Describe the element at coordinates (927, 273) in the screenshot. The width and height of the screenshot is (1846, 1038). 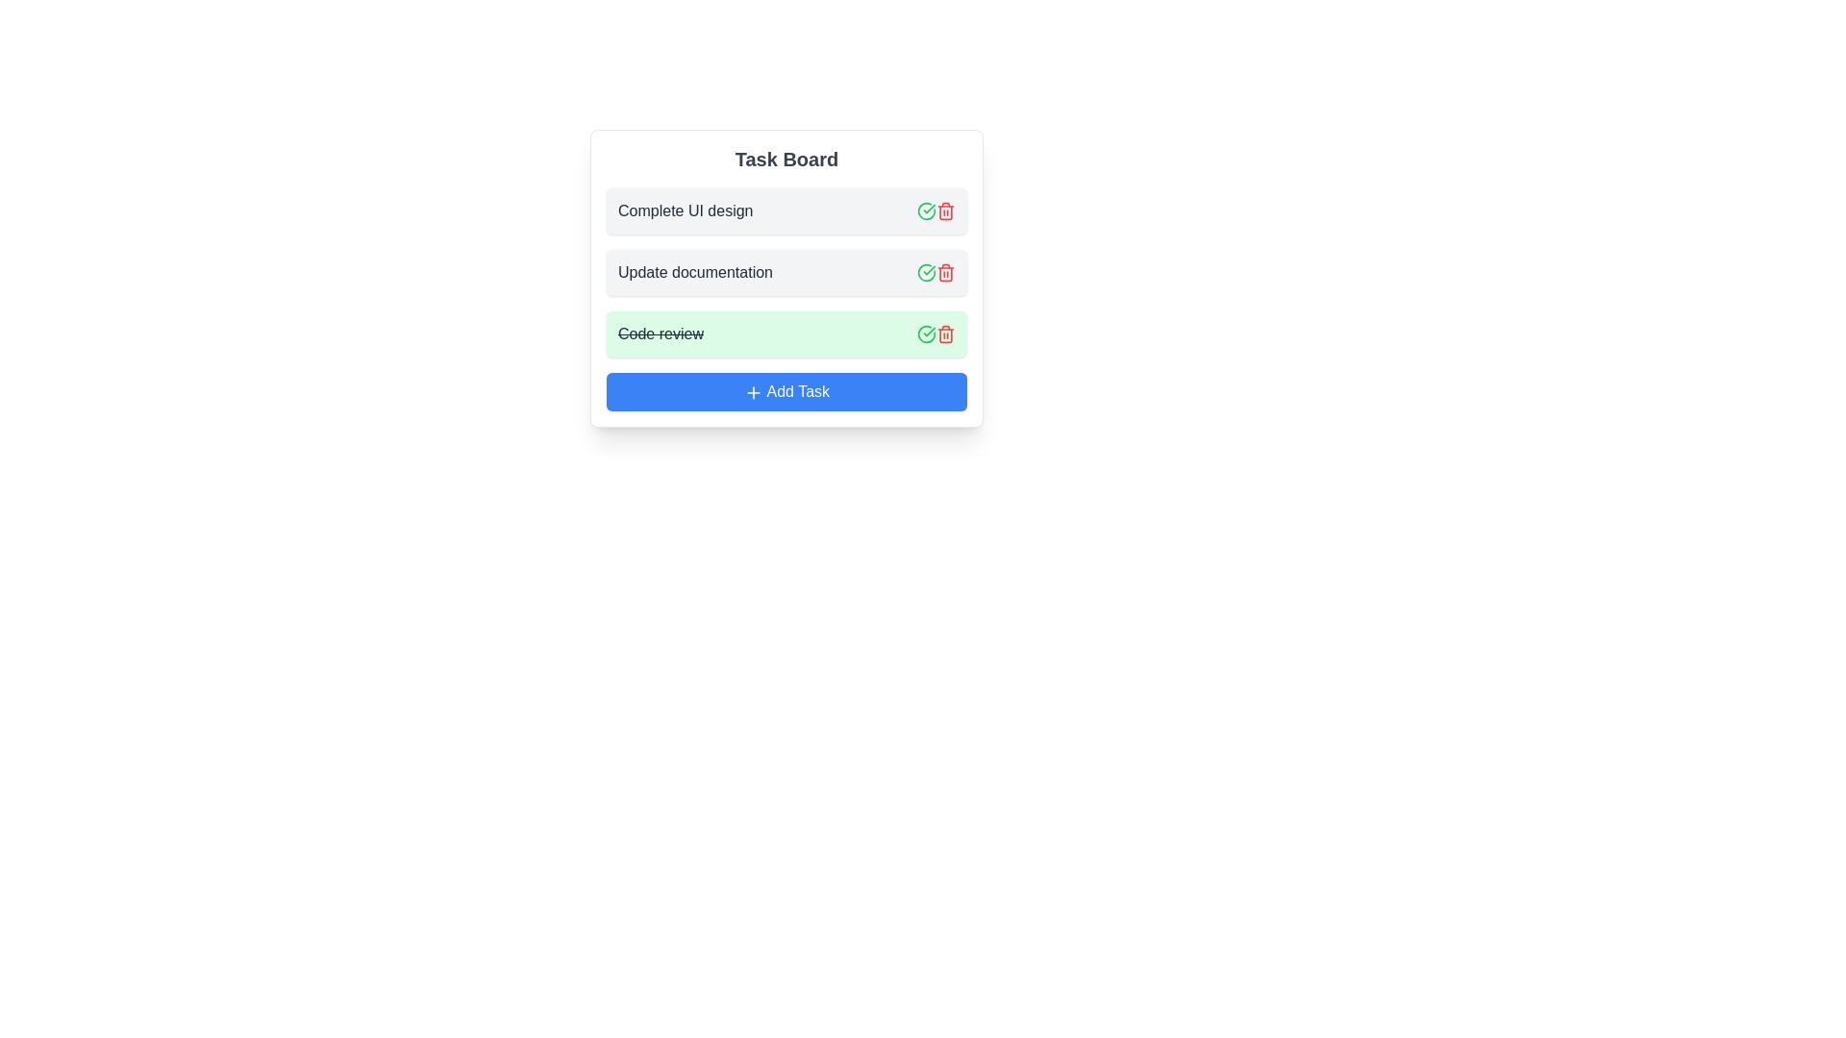
I see `the circular green check mark icon next to the 'Update documentation' text to mark the task as completed` at that location.